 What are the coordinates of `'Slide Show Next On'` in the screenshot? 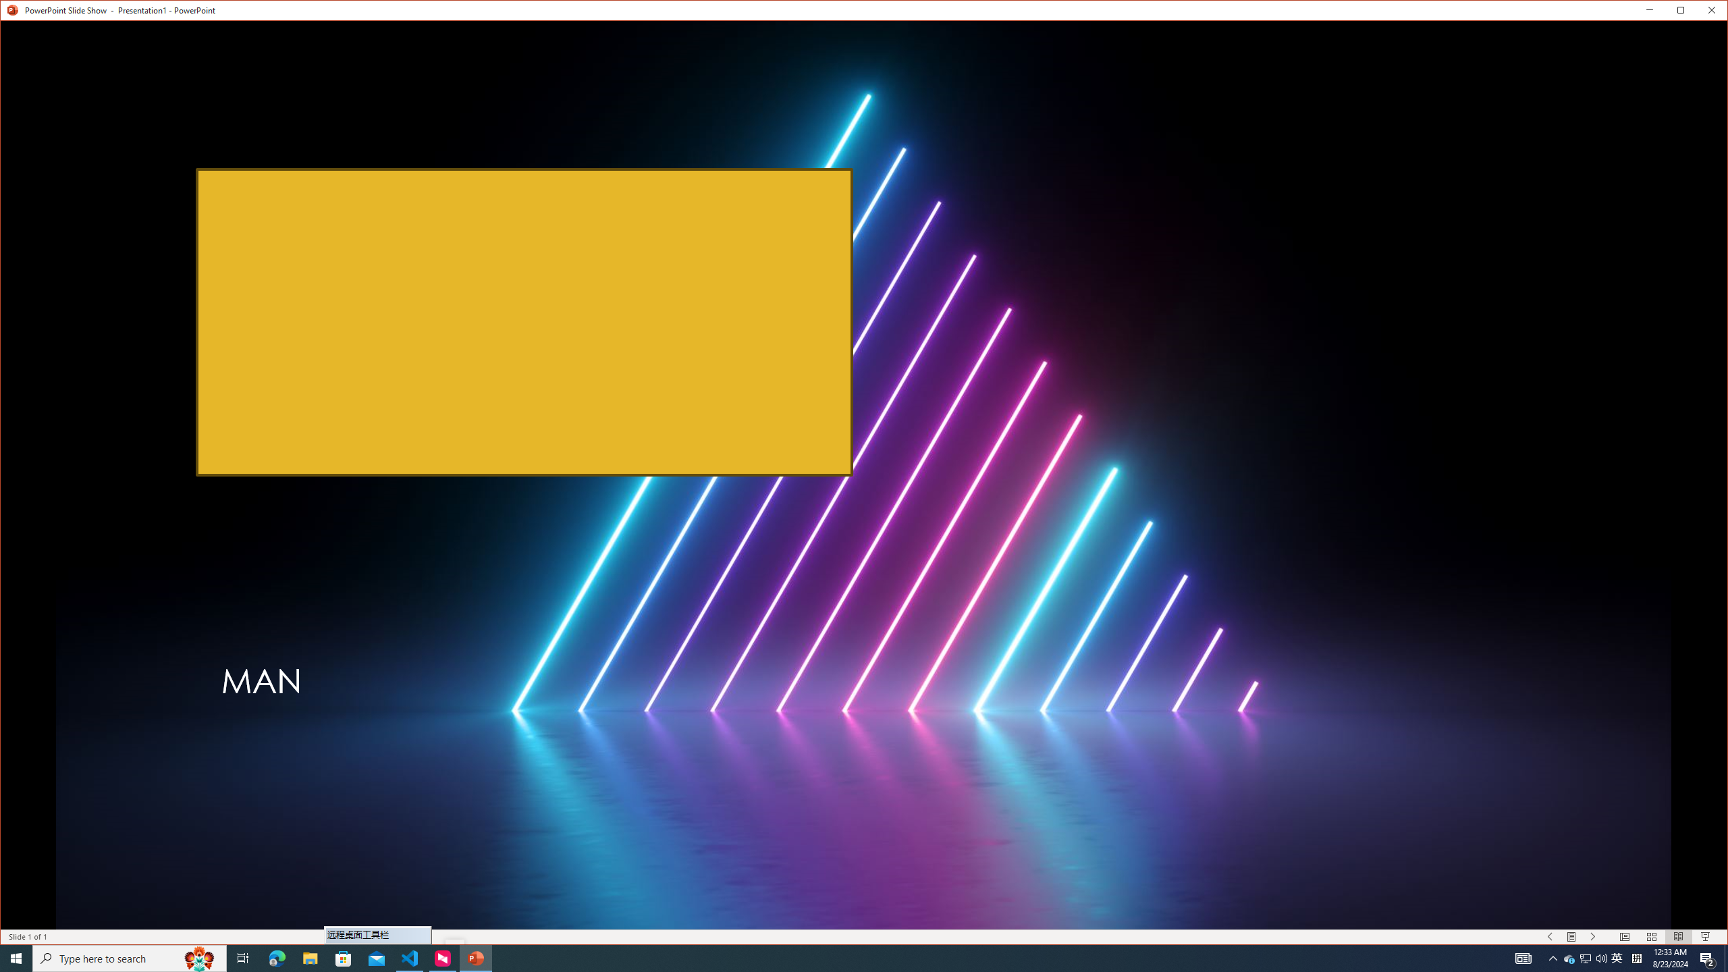 It's located at (1593, 936).